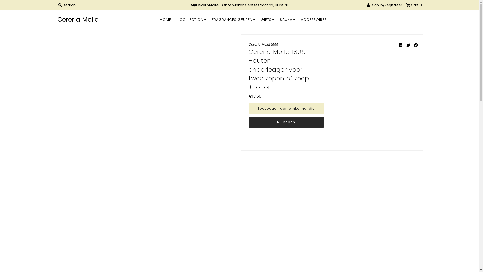  I want to click on 'Toevoegen aan winkelmandje', so click(286, 108).